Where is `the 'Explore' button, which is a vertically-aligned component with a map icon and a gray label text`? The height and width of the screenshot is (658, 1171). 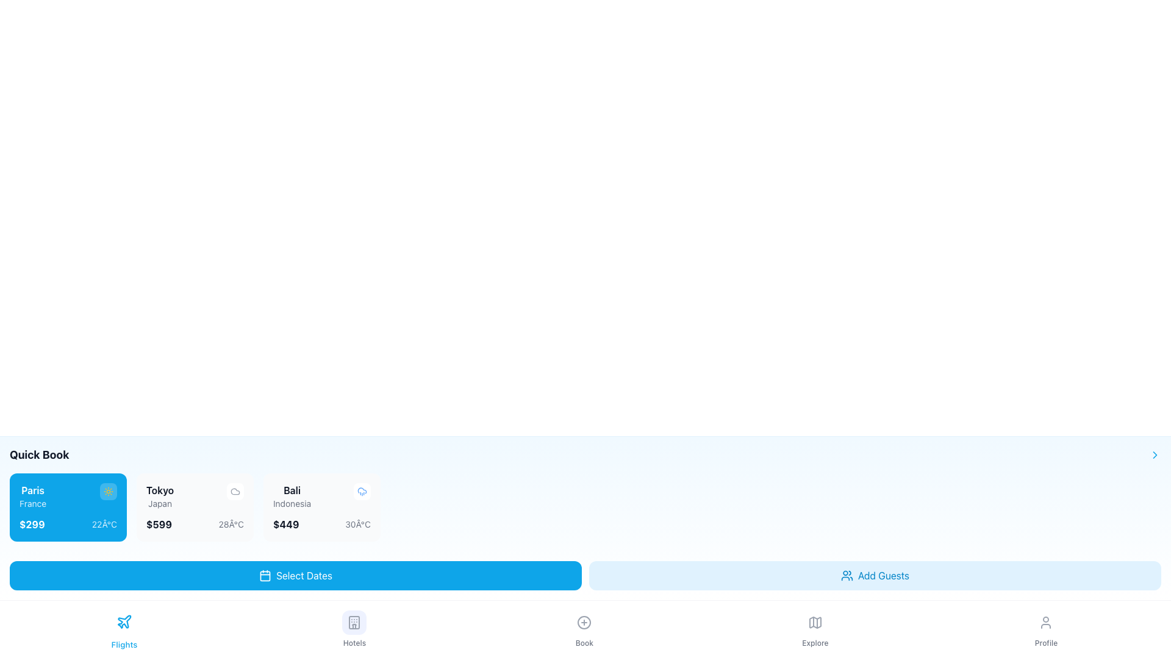
the 'Explore' button, which is a vertically-aligned component with a map icon and a gray label text is located at coordinates (815, 629).